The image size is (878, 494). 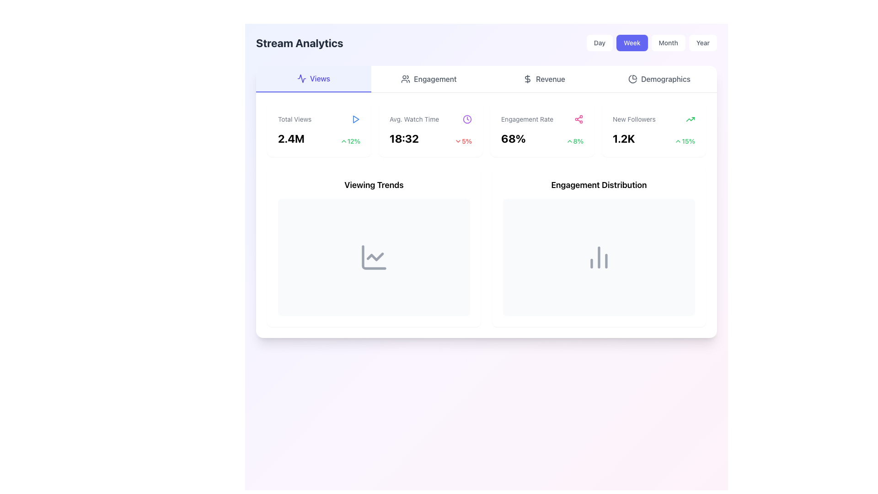 I want to click on the 'Revenue' tab button, which is the third tab, so click(x=544, y=79).